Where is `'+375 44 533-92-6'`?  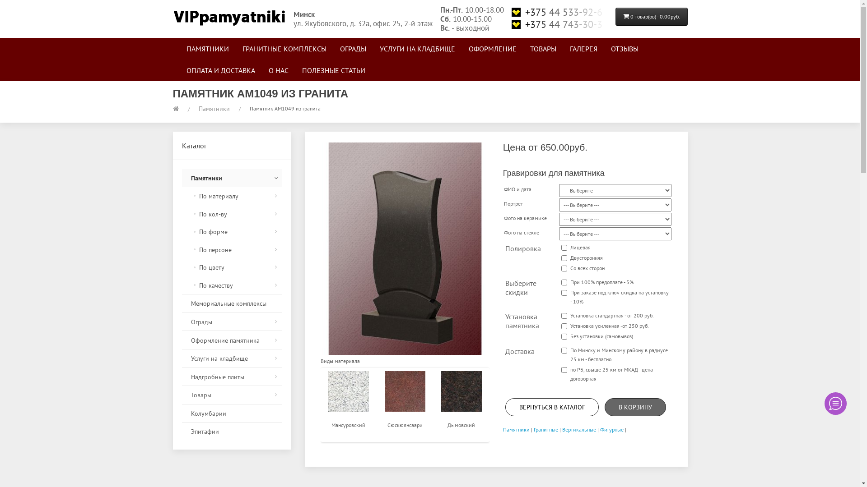
'+375 44 533-92-6' is located at coordinates (559, 12).